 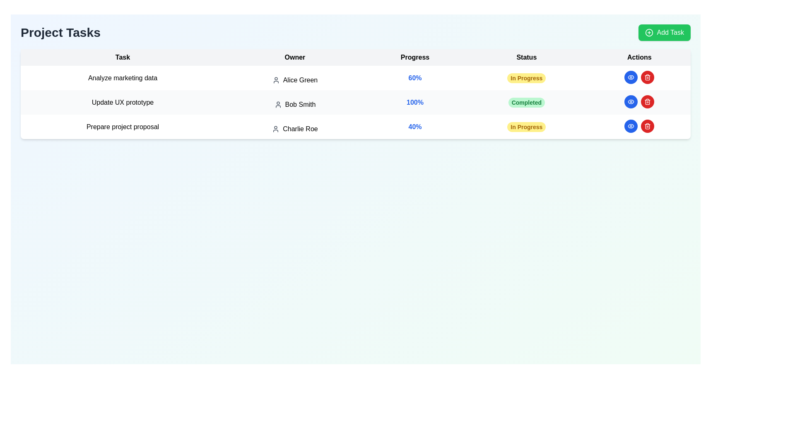 What do you see at coordinates (356, 102) in the screenshot?
I see `on the second row of the 'Project Tasks' table` at bounding box center [356, 102].